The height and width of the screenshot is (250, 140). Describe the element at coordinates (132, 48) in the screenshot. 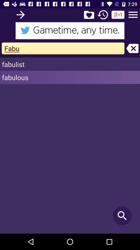

I see `clear the search` at that location.